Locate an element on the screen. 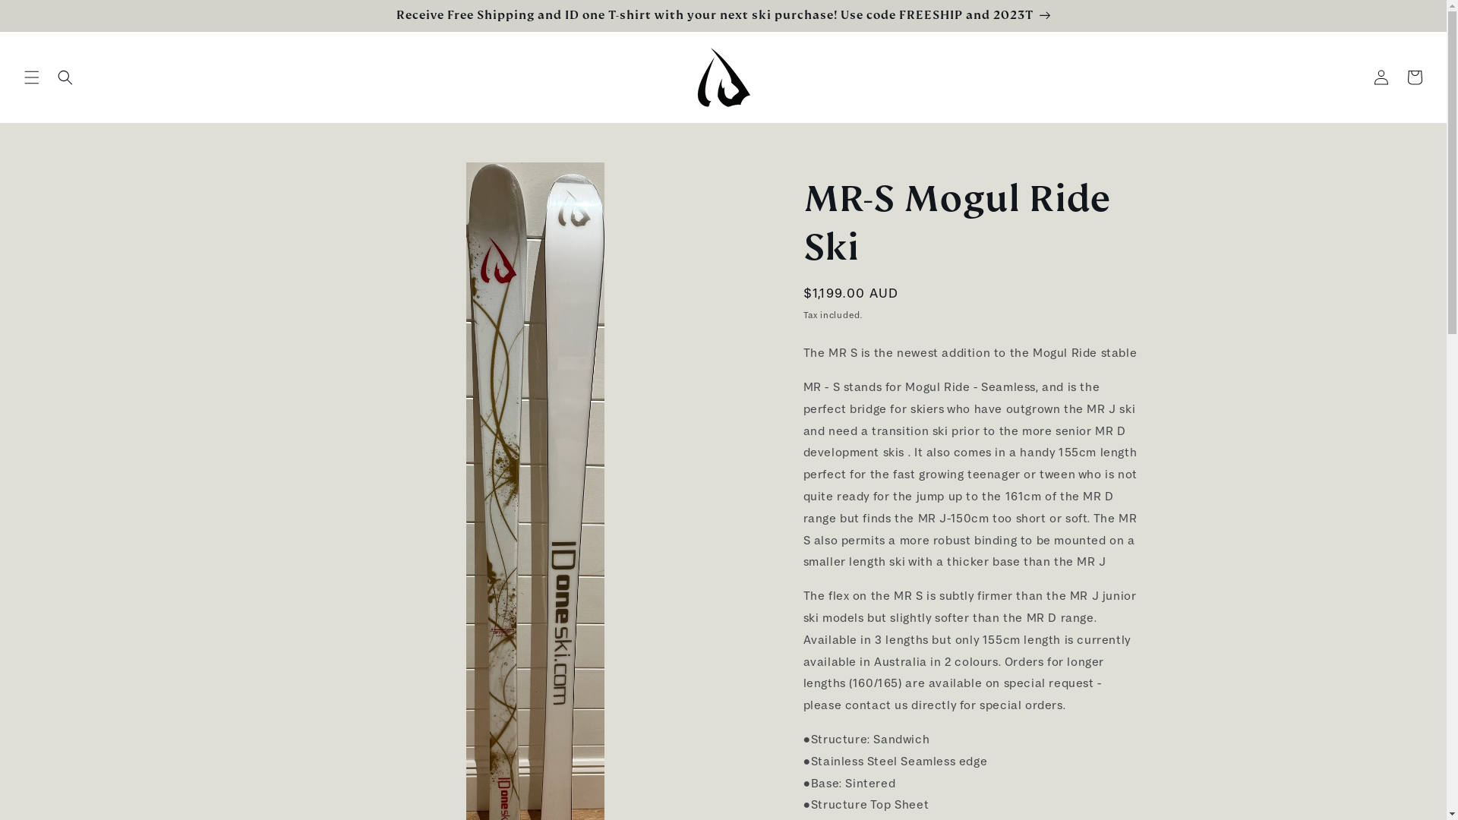  'Log in' is located at coordinates (1381, 77).